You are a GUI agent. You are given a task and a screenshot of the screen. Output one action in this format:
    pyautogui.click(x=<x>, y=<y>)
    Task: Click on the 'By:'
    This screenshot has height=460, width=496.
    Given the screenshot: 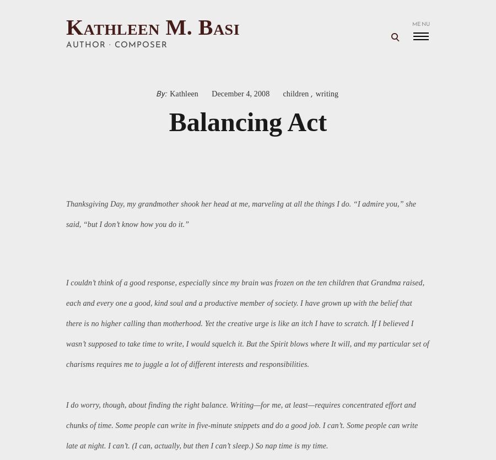 What is the action you would take?
    pyautogui.click(x=161, y=94)
    